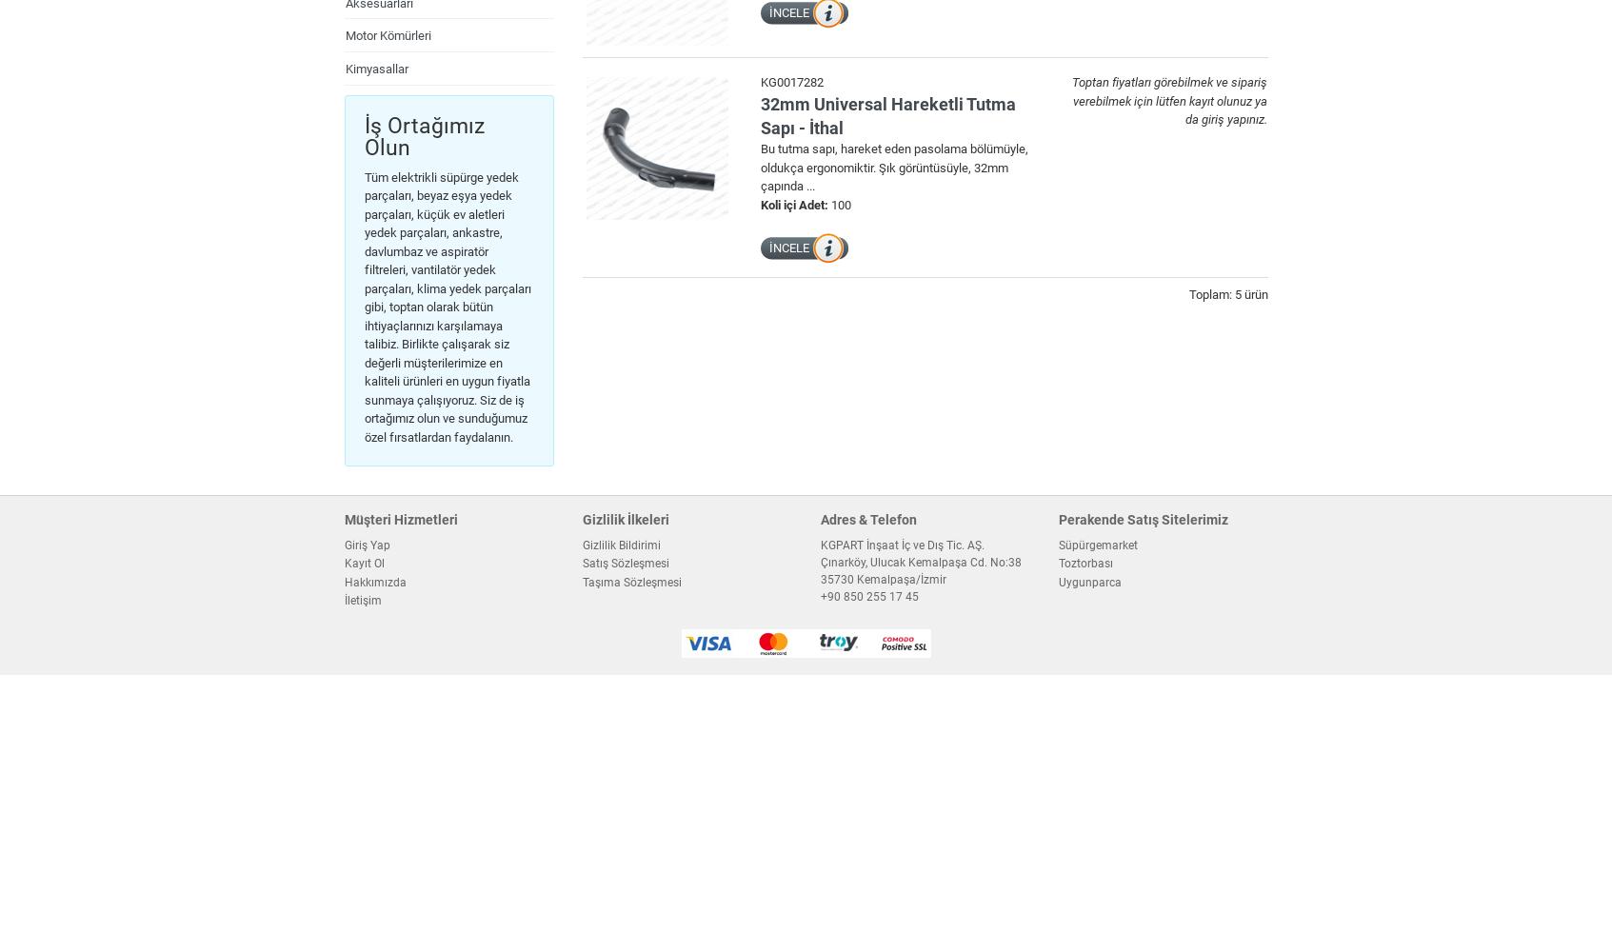  I want to click on 'Taşıma Sözleşmesi', so click(582, 581).